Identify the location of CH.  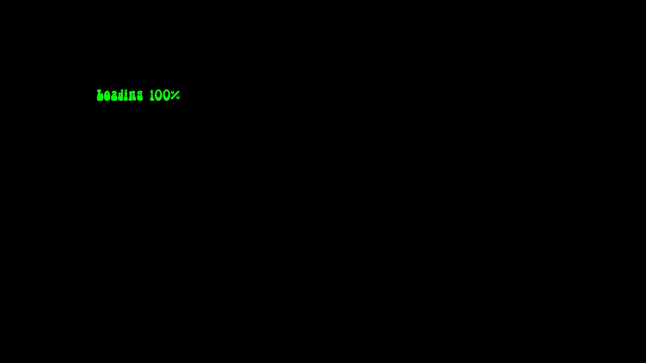
(222, 112).